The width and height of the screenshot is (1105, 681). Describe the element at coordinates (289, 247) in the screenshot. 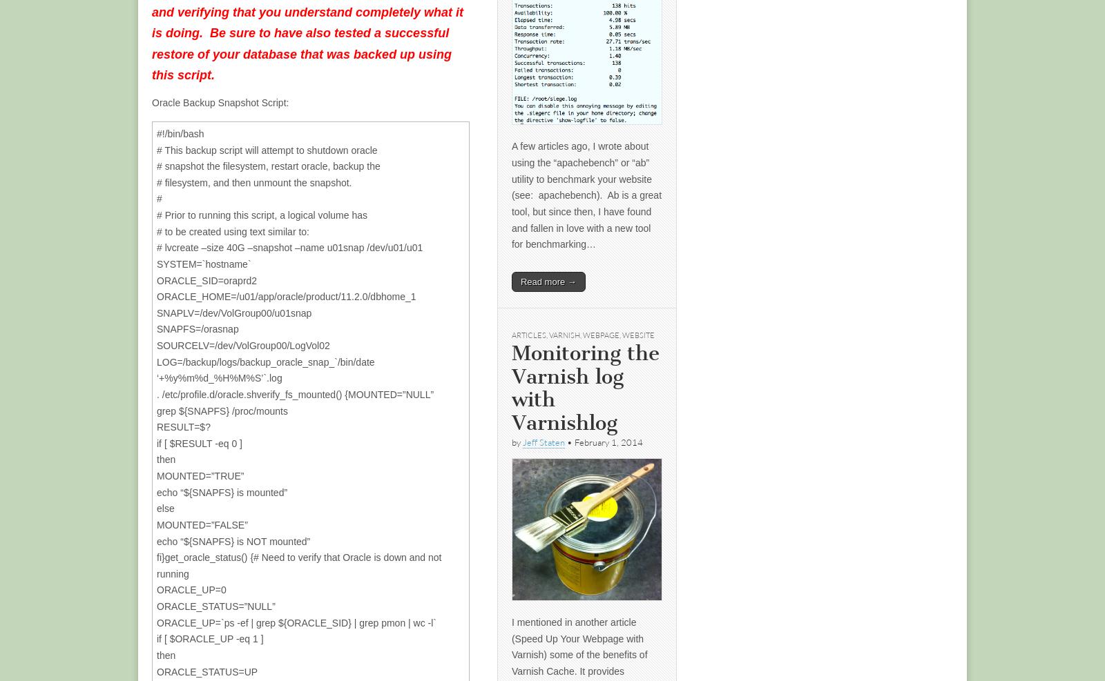

I see `'# lvcreate –size 40G –snapshot –name u01snap /dev/u01/u01'` at that location.